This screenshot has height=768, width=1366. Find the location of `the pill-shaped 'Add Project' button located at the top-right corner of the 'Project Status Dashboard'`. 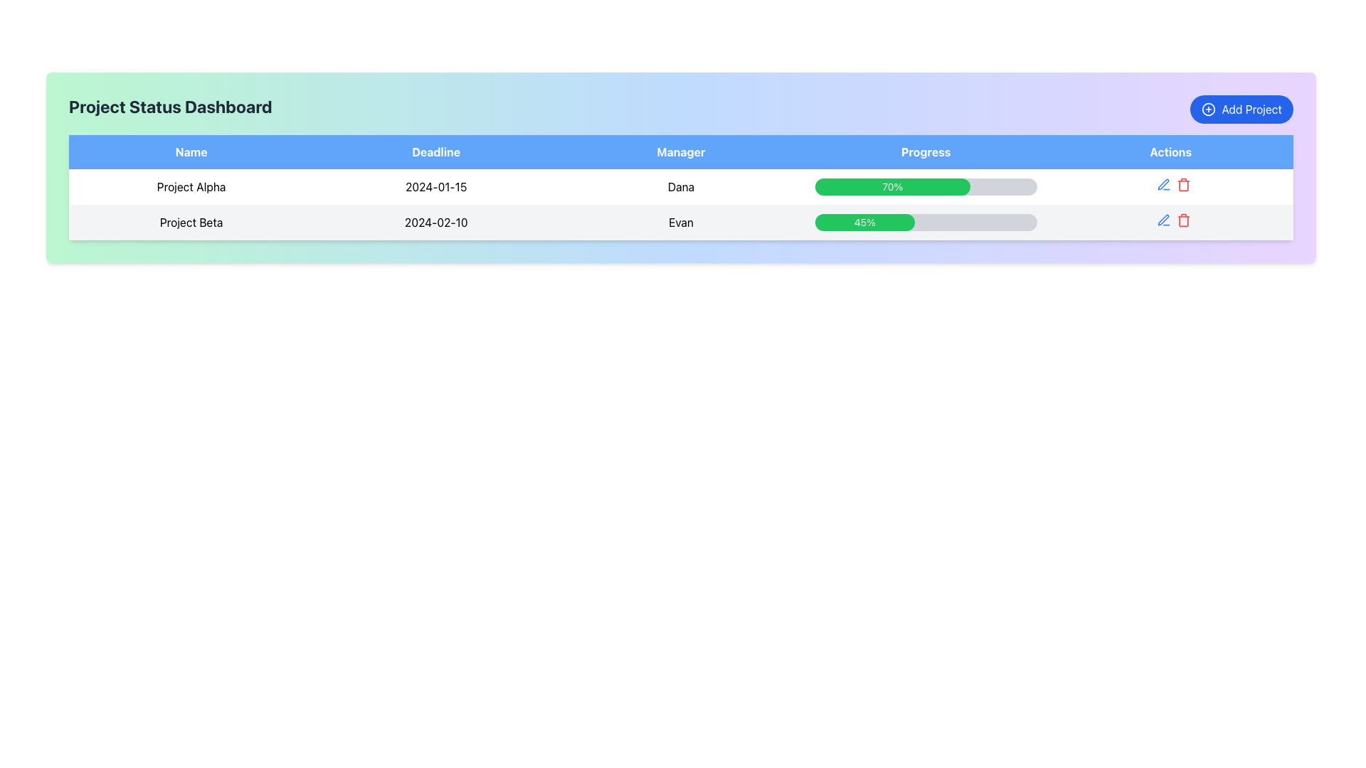

the pill-shaped 'Add Project' button located at the top-right corner of the 'Project Status Dashboard' is located at coordinates (1241, 109).